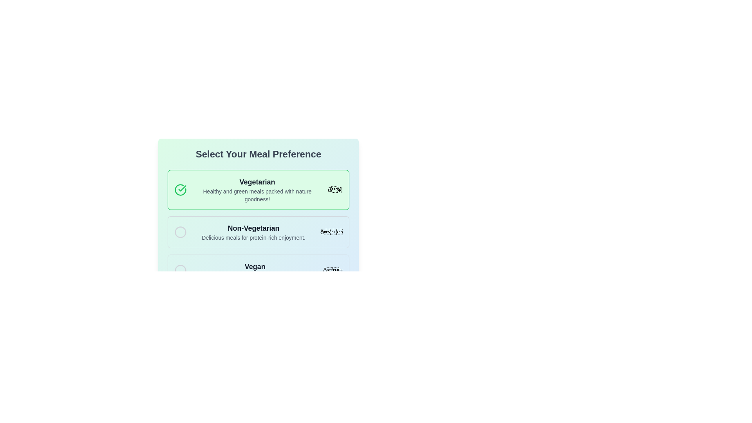  I want to click on the decorative emoji icon depicting a plant (🌱) located to the right of the text descriptions under the 'Vegan' meal option in the meal preference selection interface, so click(333, 270).